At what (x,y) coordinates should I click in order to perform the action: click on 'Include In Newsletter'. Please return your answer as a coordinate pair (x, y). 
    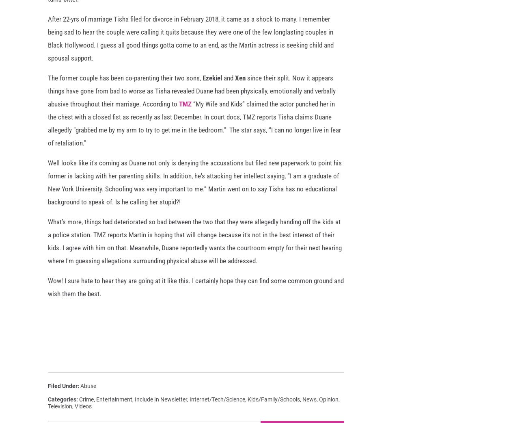
    Looking at the image, I should click on (160, 405).